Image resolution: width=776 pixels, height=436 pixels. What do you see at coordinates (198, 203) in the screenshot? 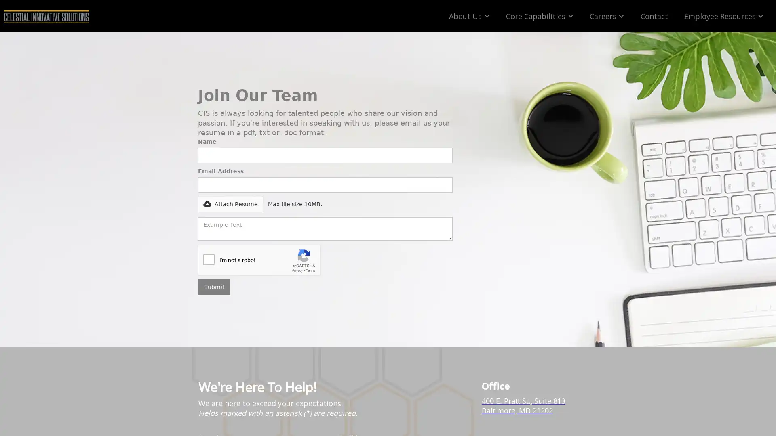
I see `Attach Resume` at bounding box center [198, 203].